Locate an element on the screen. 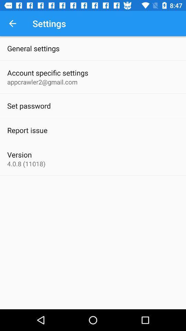 Image resolution: width=186 pixels, height=331 pixels. icon above the general settings is located at coordinates (12, 23).